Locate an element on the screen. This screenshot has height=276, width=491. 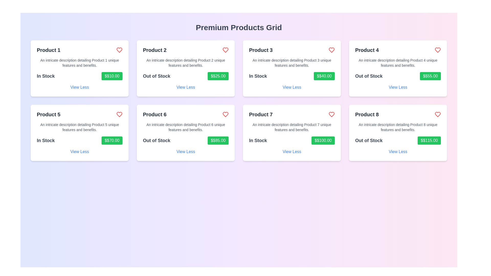
the green button displaying the price '$25.00' for 'Product 2' is located at coordinates (218, 76).